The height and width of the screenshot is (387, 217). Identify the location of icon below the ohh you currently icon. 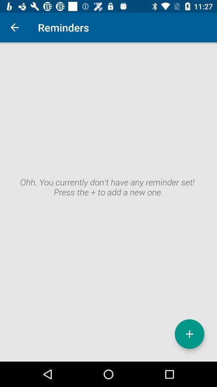
(189, 334).